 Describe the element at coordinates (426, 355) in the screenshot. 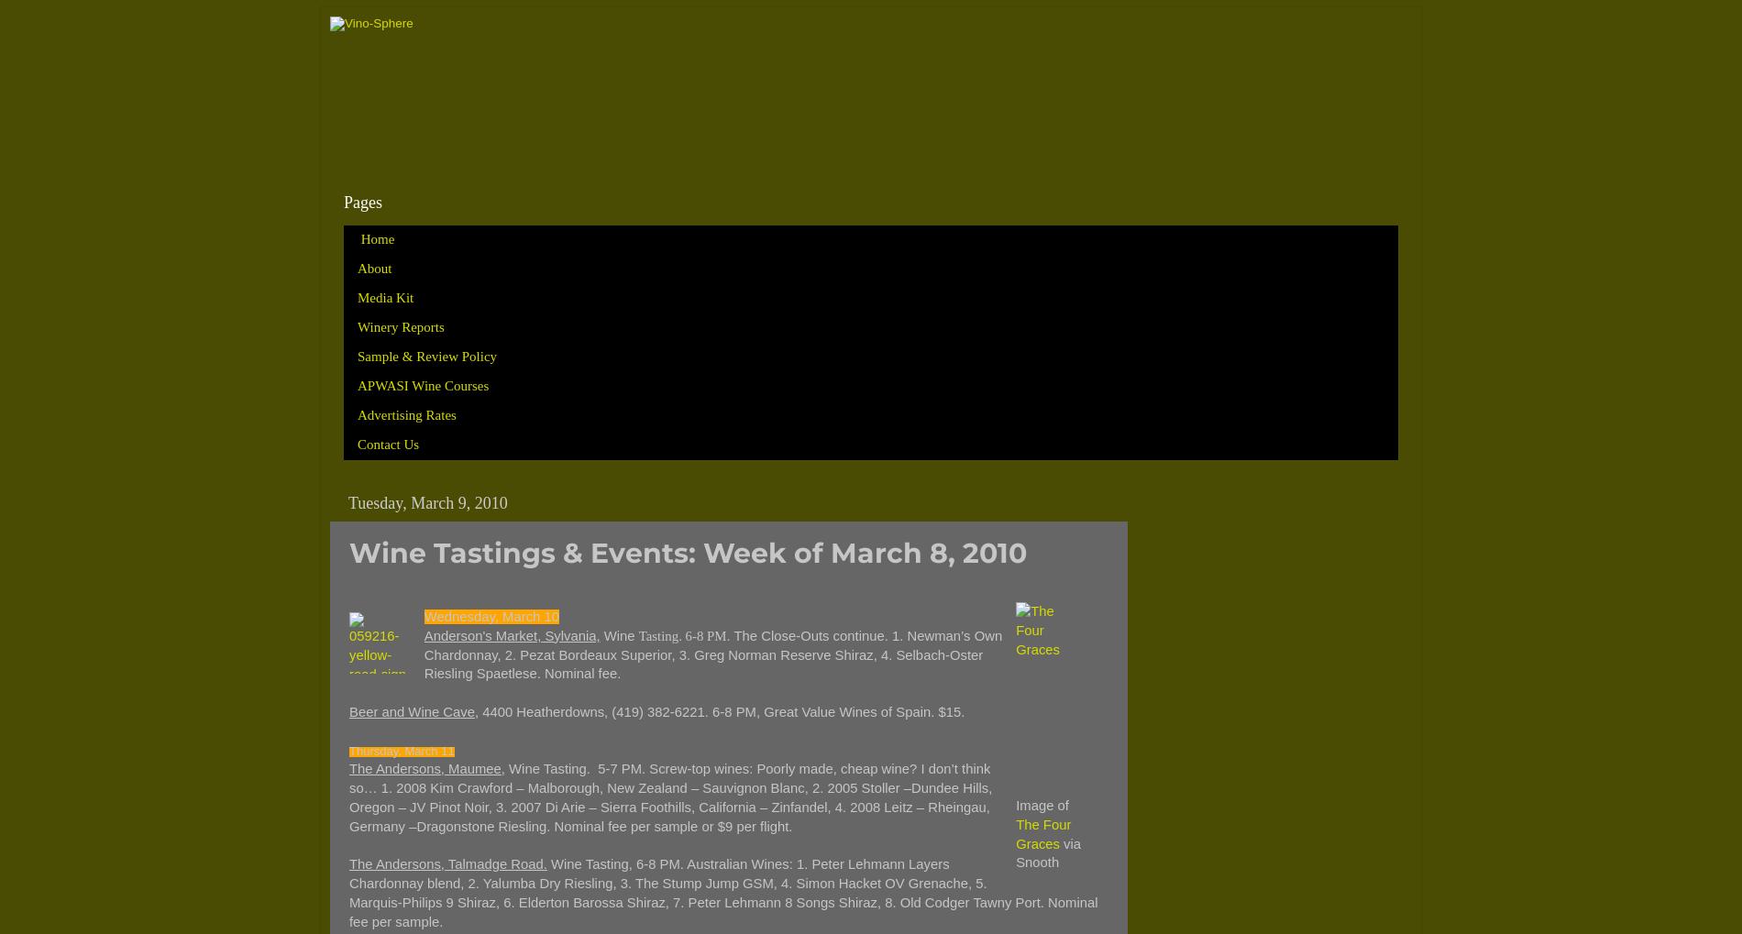

I see `'Sample & Review Policy'` at that location.